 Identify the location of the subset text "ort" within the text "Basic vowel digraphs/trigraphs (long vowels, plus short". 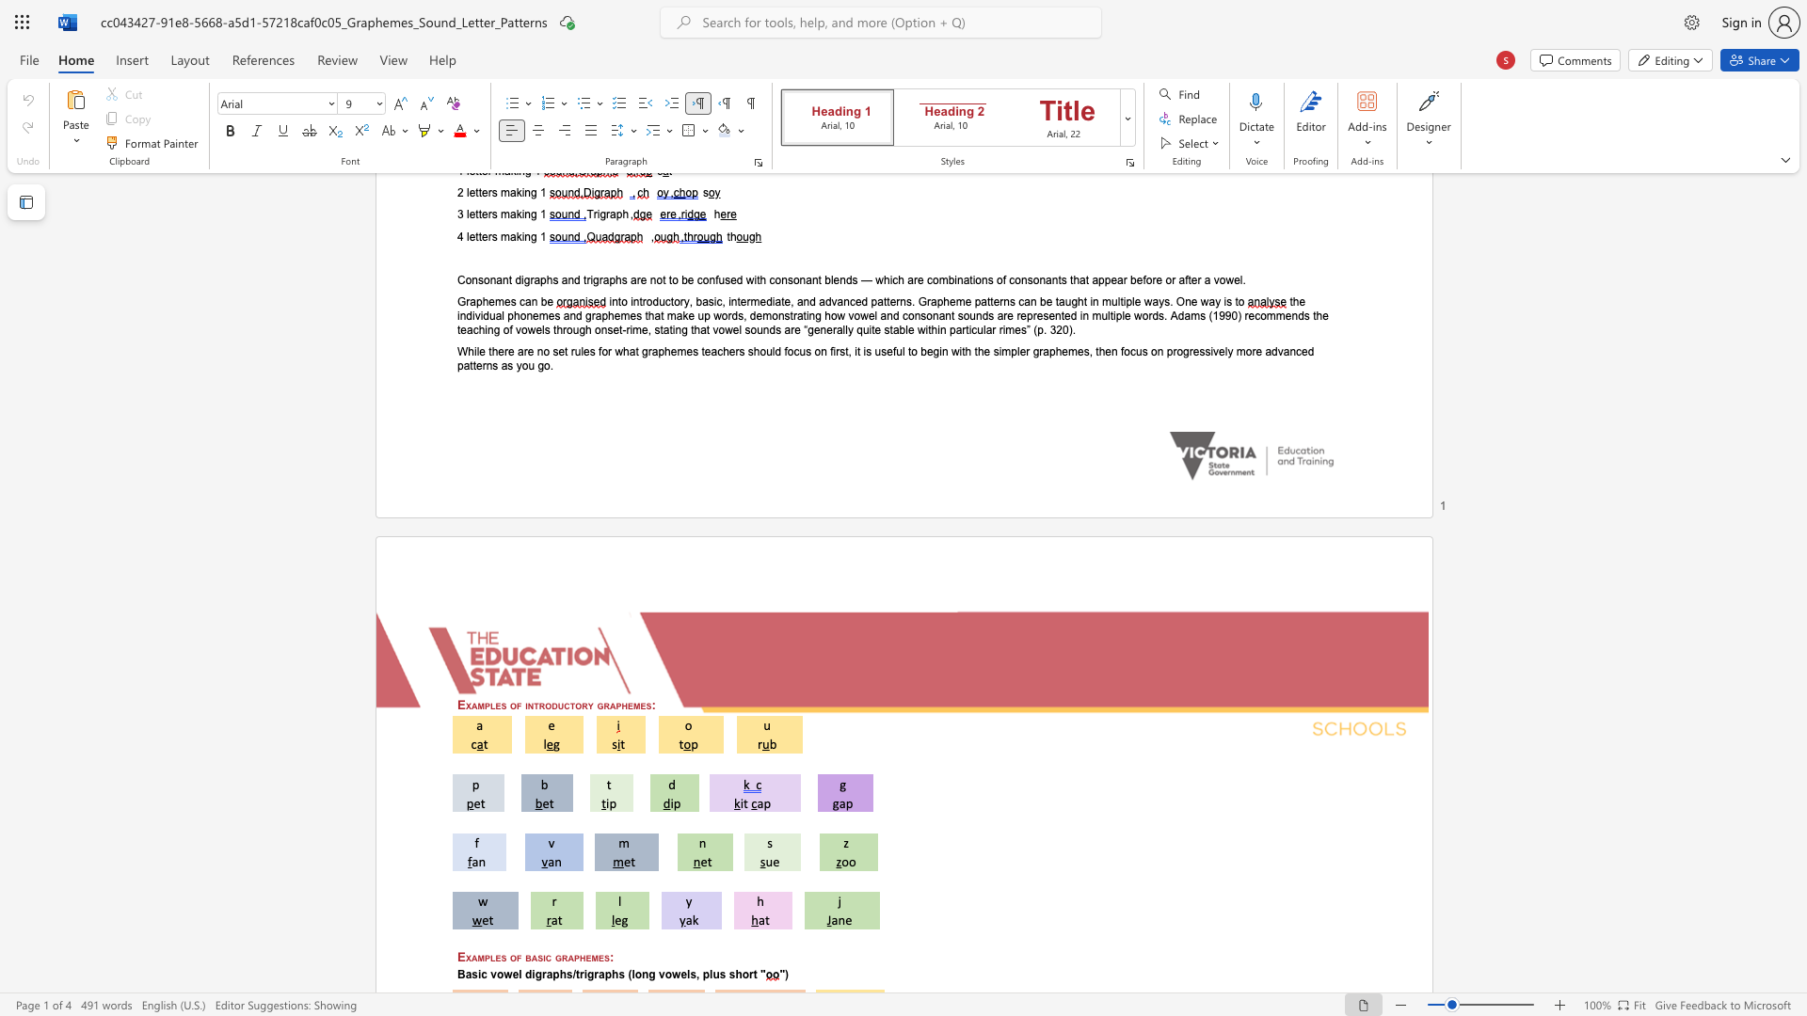
(741, 974).